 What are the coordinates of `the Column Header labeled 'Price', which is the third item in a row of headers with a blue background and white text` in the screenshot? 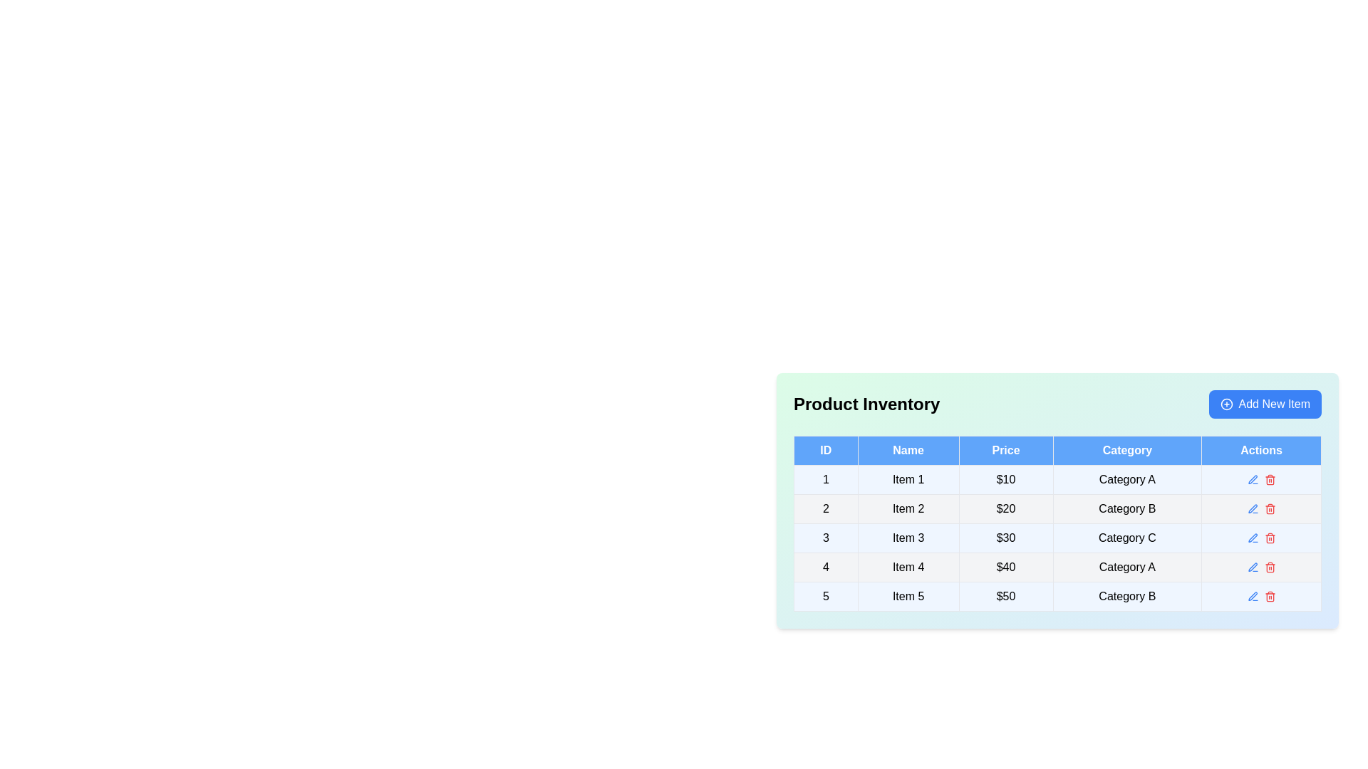 It's located at (1005, 450).